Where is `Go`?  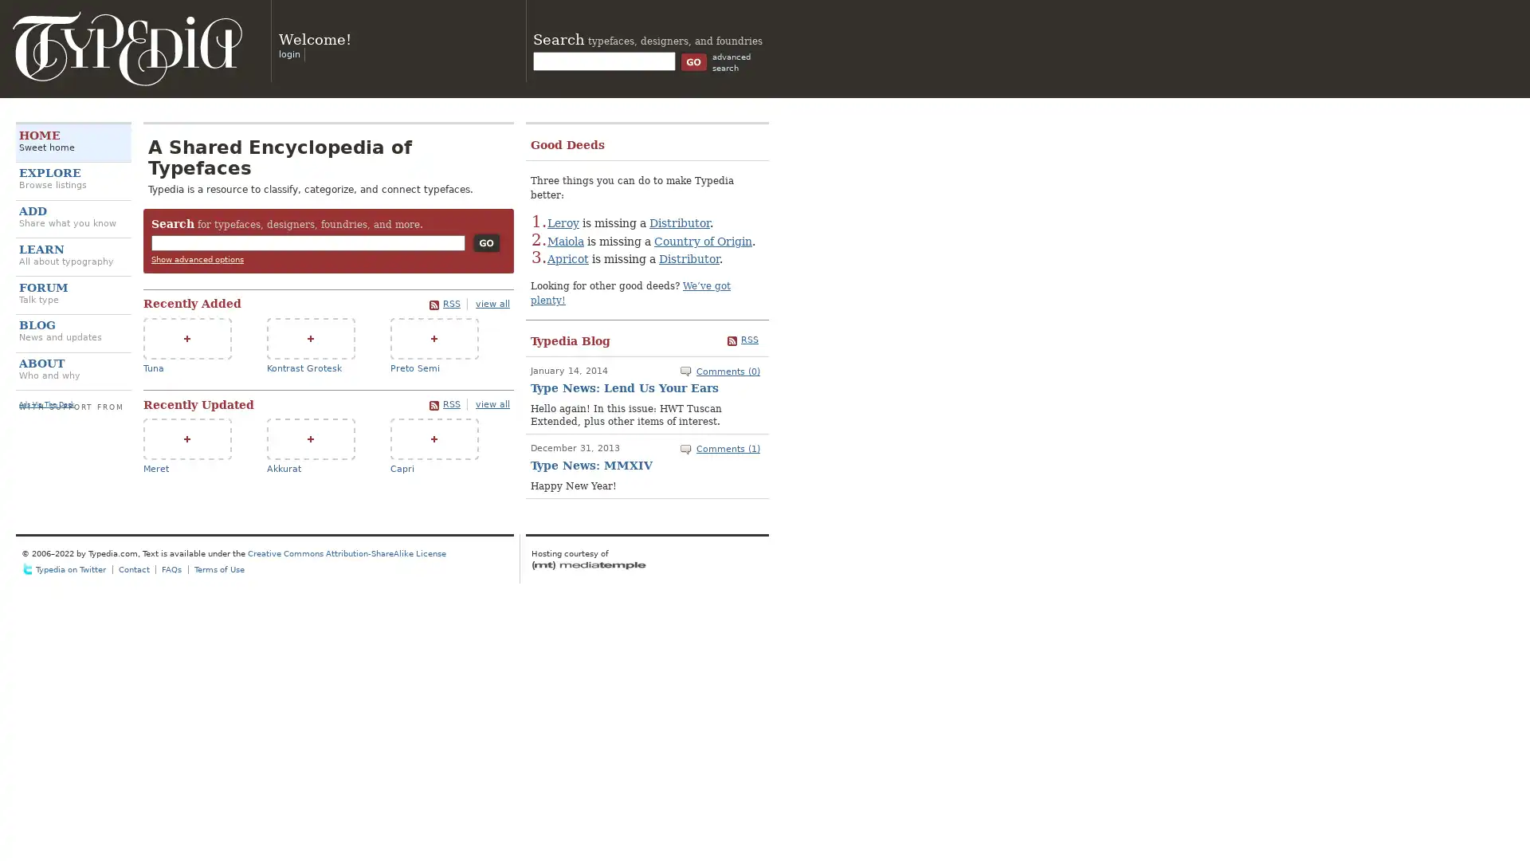
Go is located at coordinates (485, 242).